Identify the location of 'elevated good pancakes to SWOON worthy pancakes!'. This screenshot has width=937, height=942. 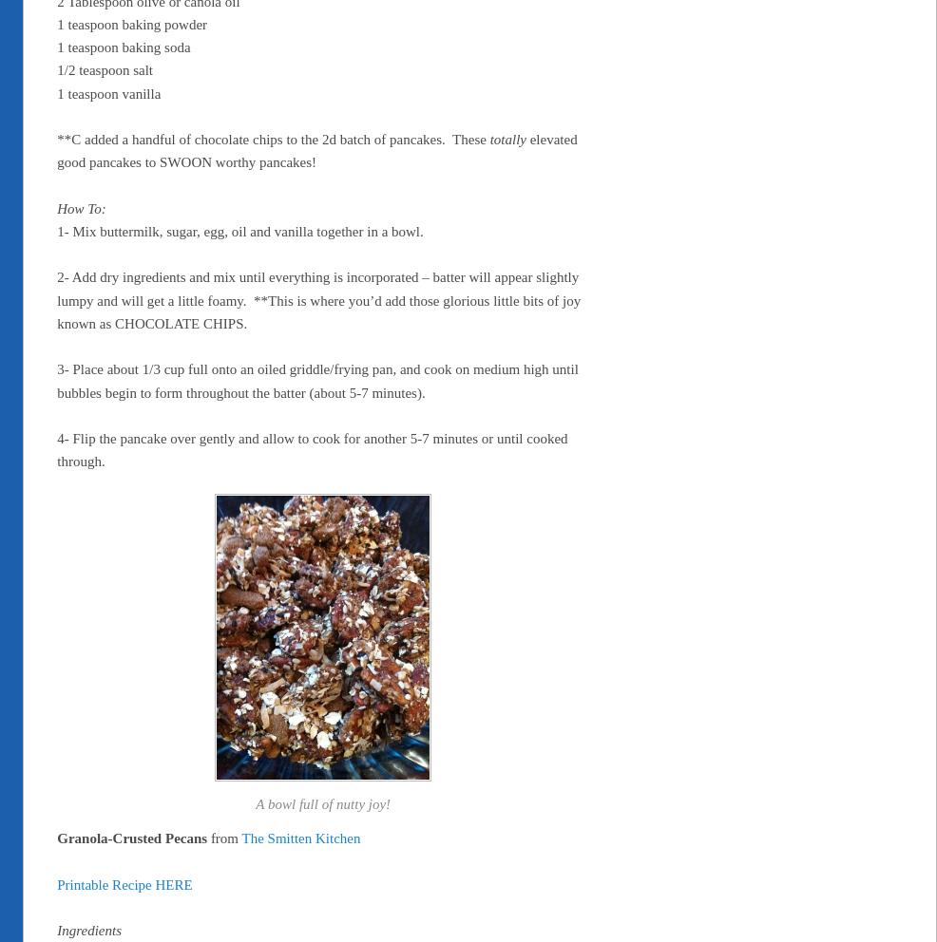
(316, 151).